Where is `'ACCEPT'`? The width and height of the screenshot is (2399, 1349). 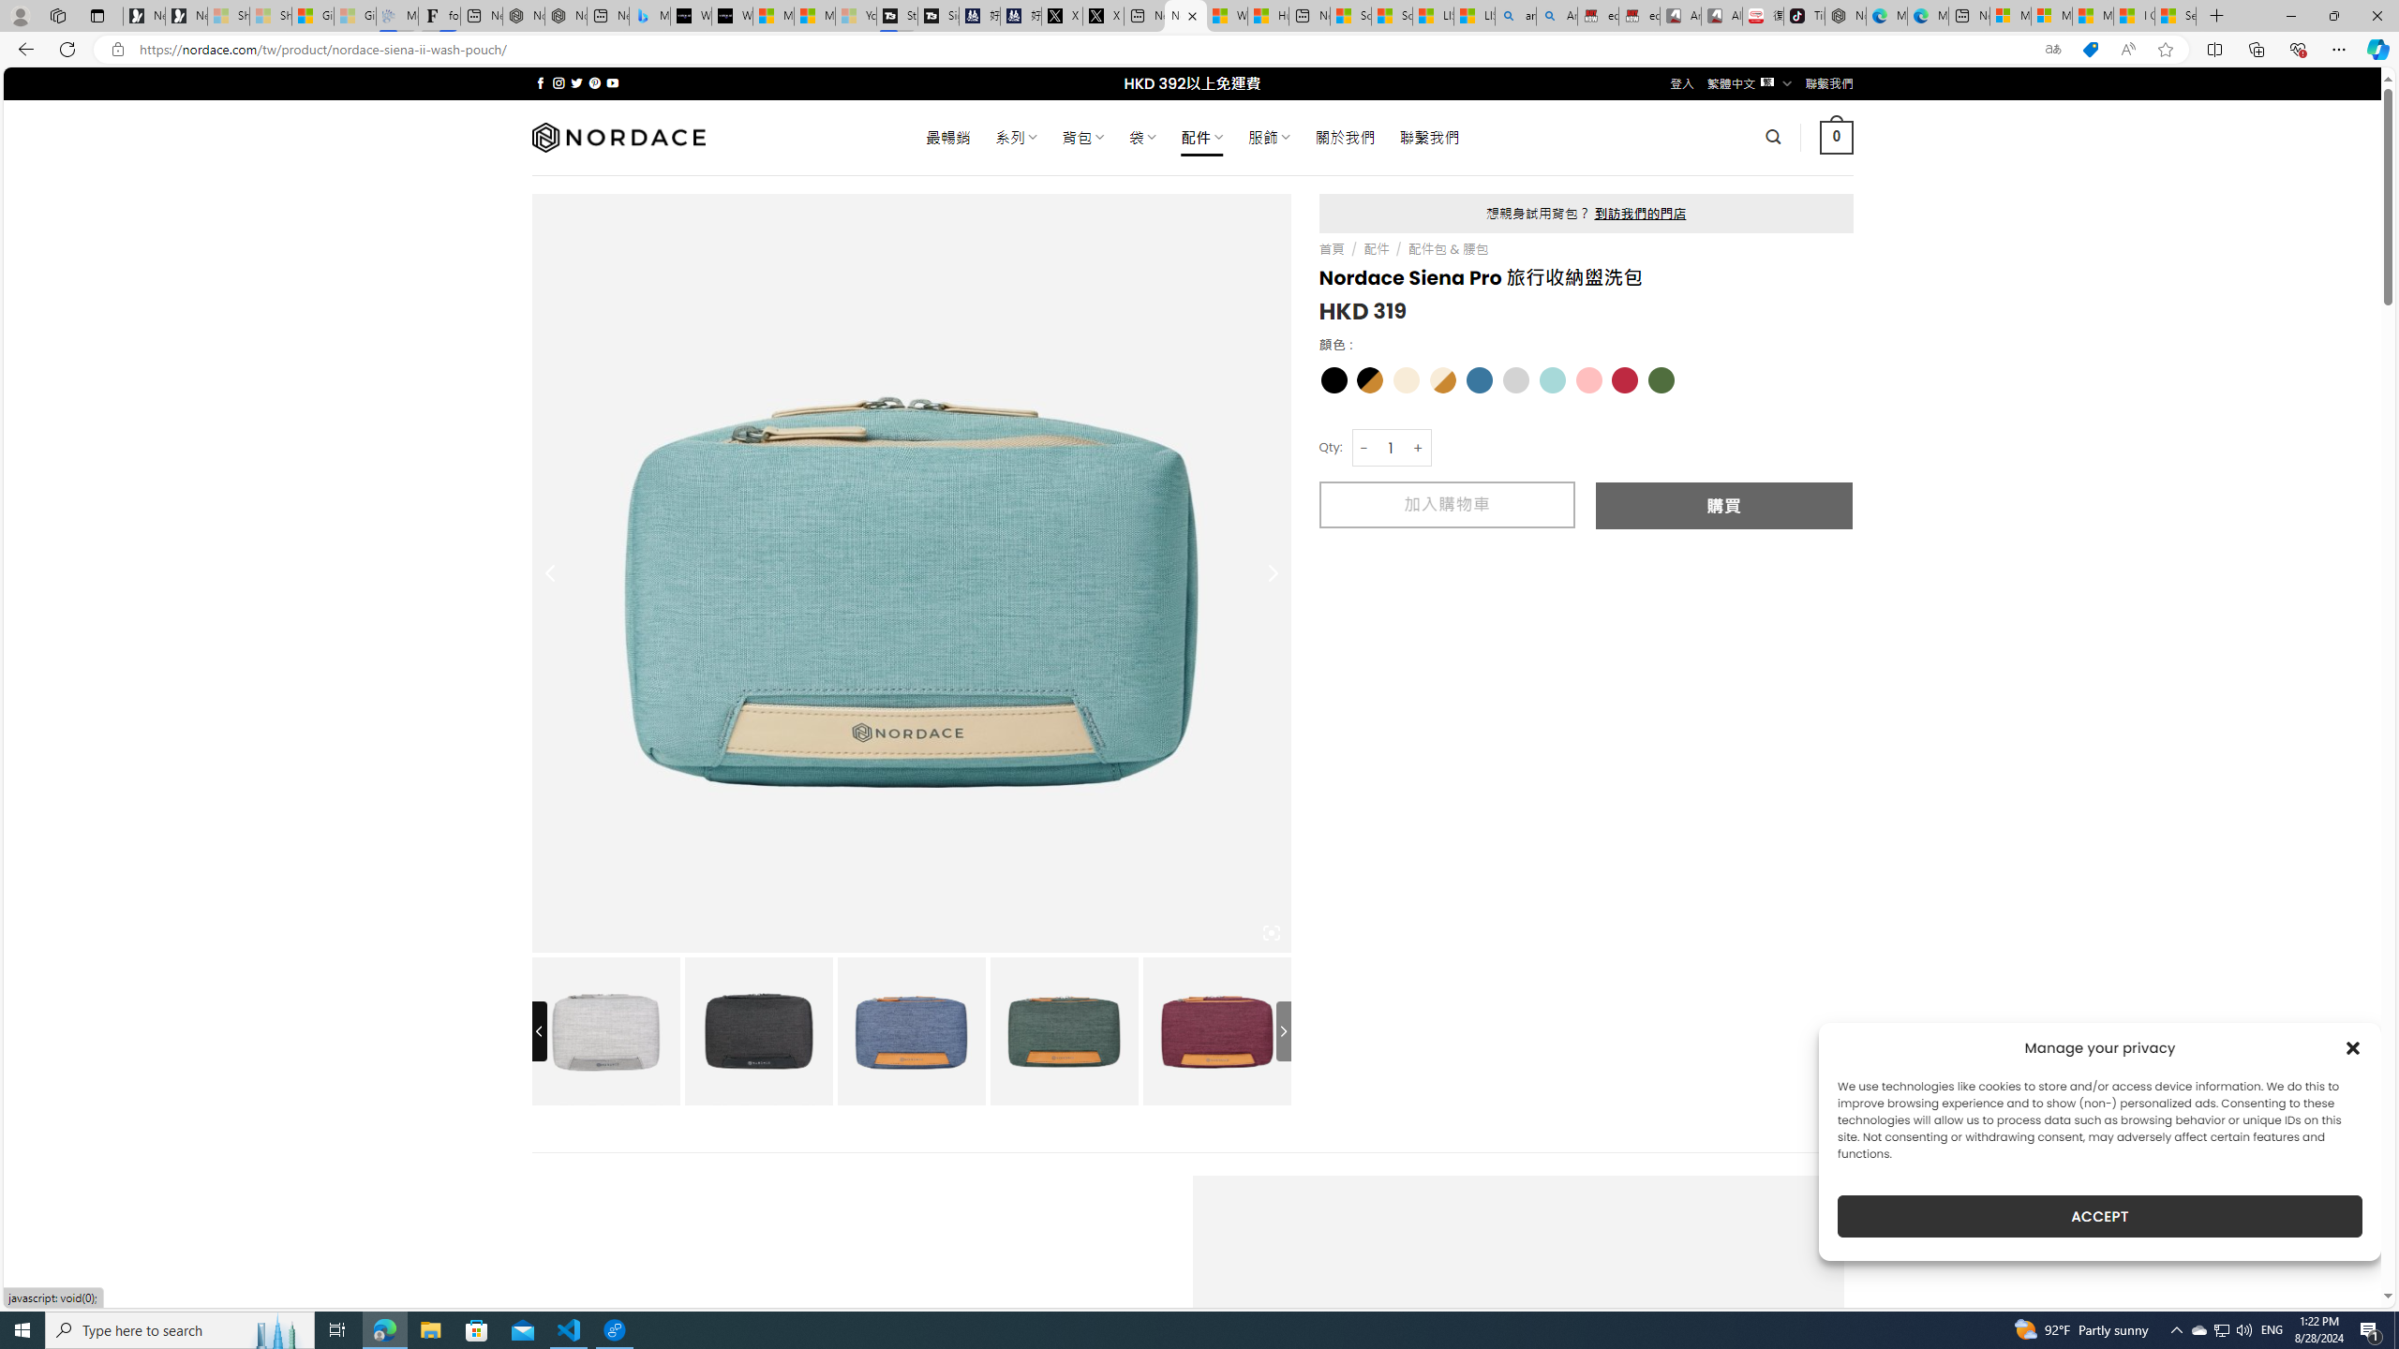 'ACCEPT' is located at coordinates (2100, 1216).